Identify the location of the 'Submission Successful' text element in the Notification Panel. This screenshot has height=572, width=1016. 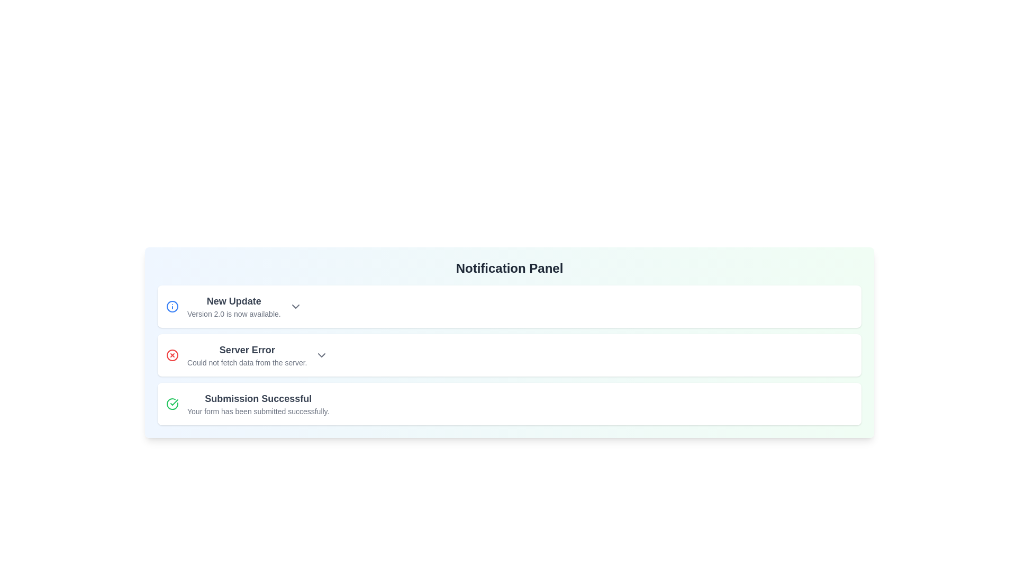
(258, 398).